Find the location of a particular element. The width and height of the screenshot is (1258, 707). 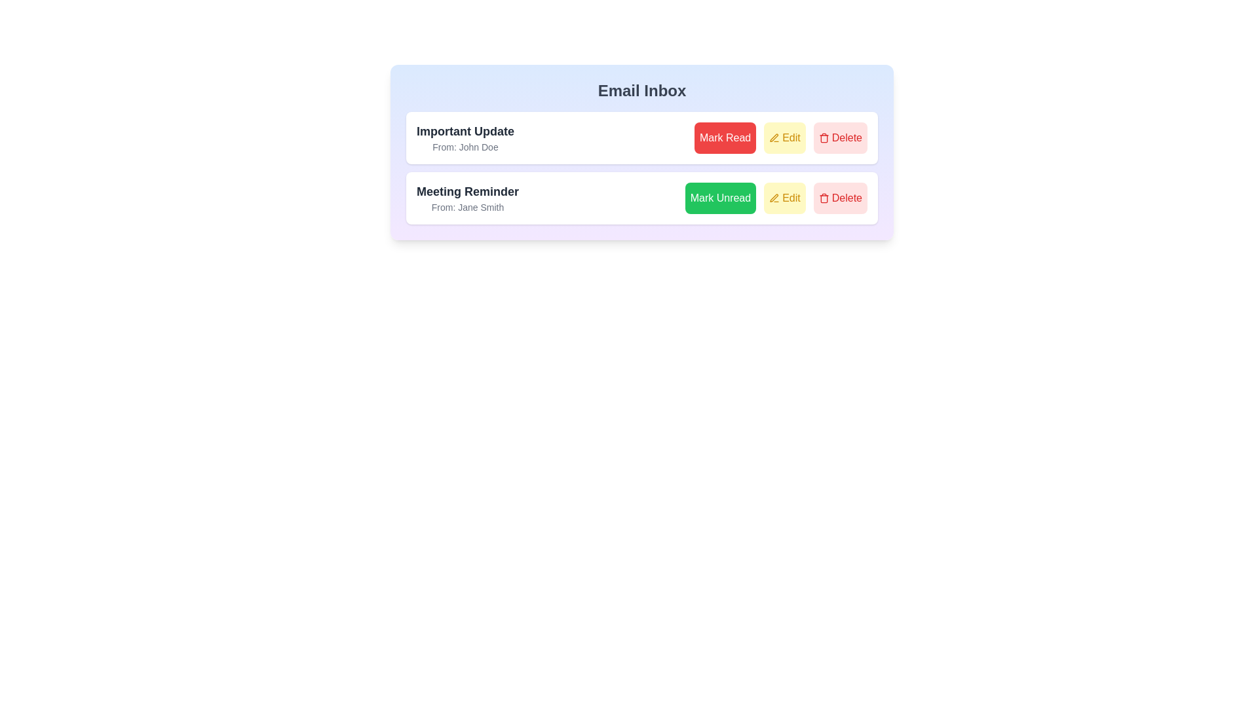

'Edit' button for the email with subject Important Update is located at coordinates (784, 138).